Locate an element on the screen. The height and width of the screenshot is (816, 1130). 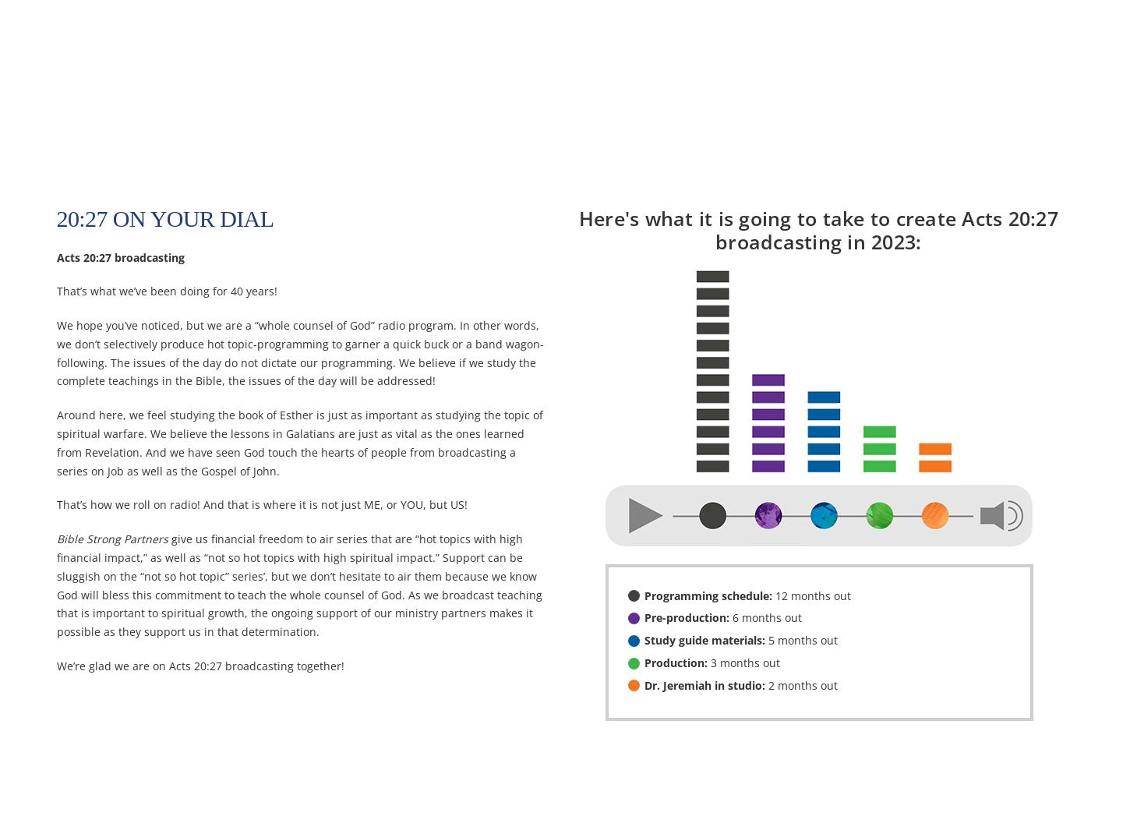
'Programming schedule:' is located at coordinates (706, 594).